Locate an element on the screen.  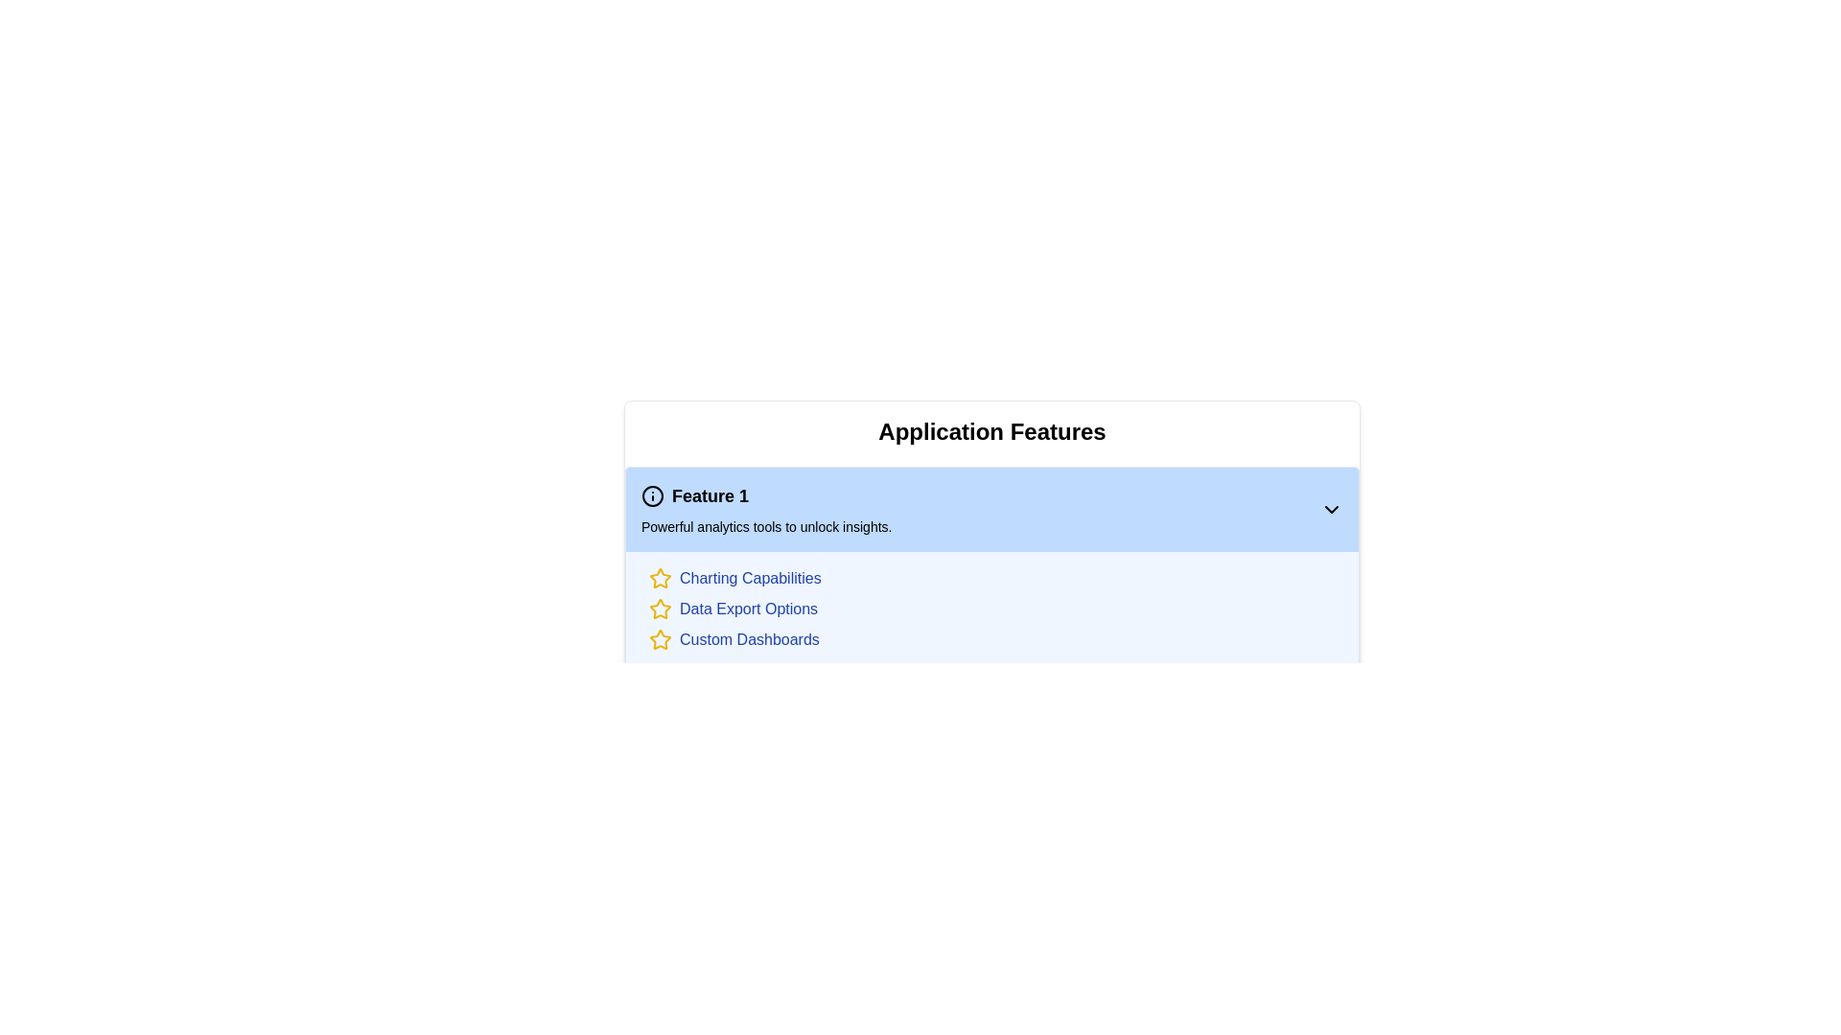
the dropdown arrow on the 'Feature 1' card within the 'Application Features' section is located at coordinates (992, 565).